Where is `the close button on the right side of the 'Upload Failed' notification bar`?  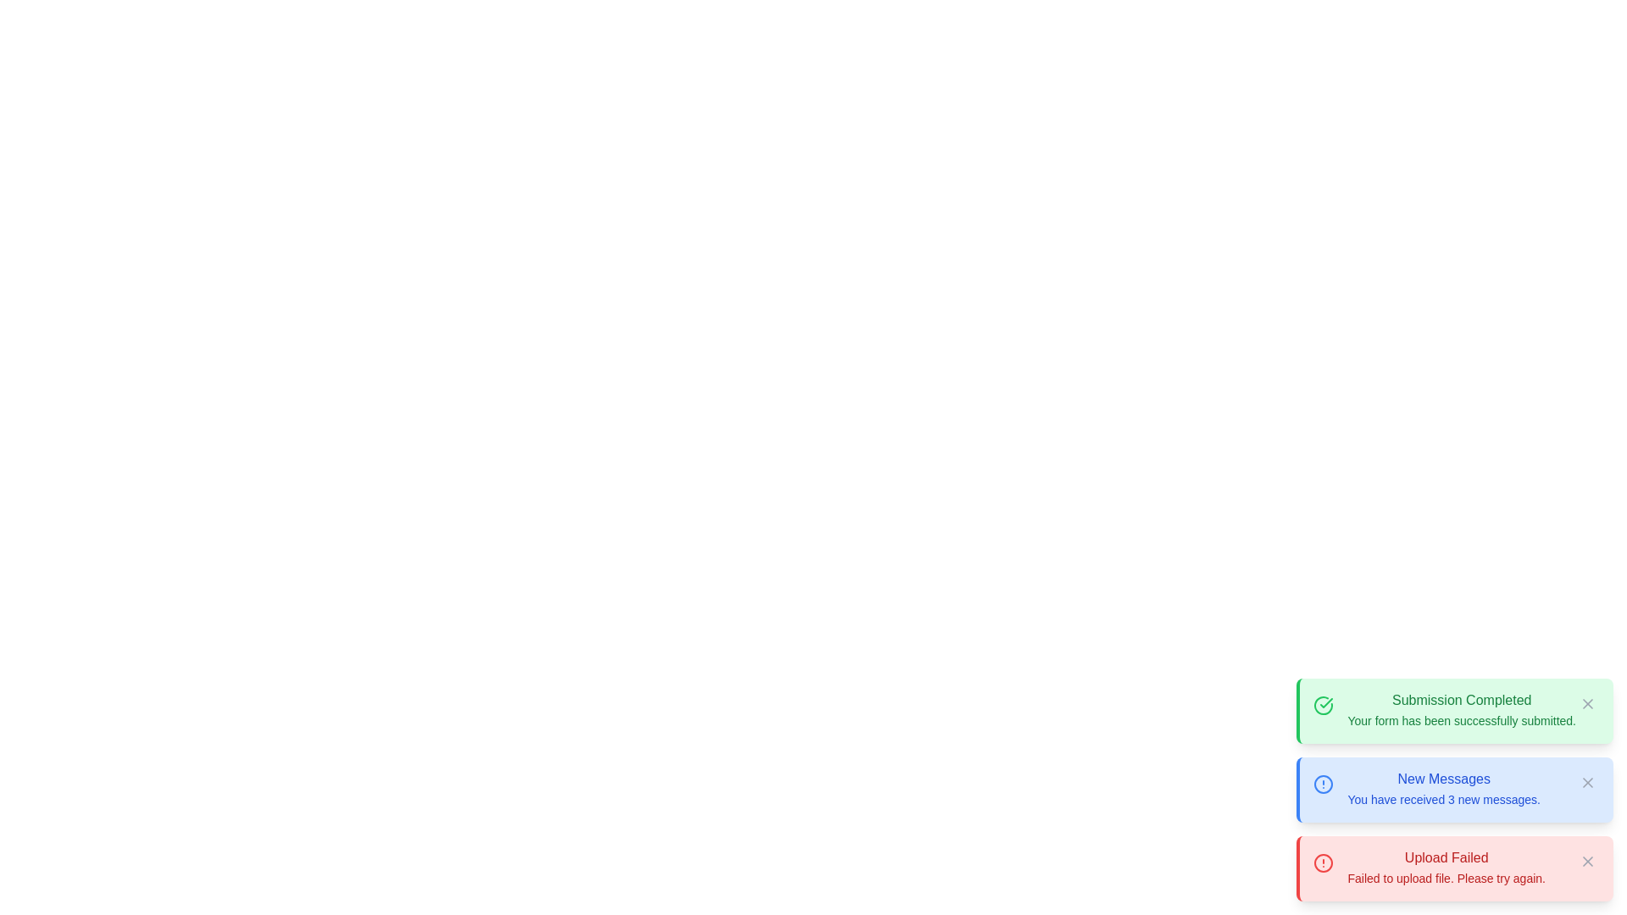 the close button on the right side of the 'Upload Failed' notification bar is located at coordinates (1586, 862).